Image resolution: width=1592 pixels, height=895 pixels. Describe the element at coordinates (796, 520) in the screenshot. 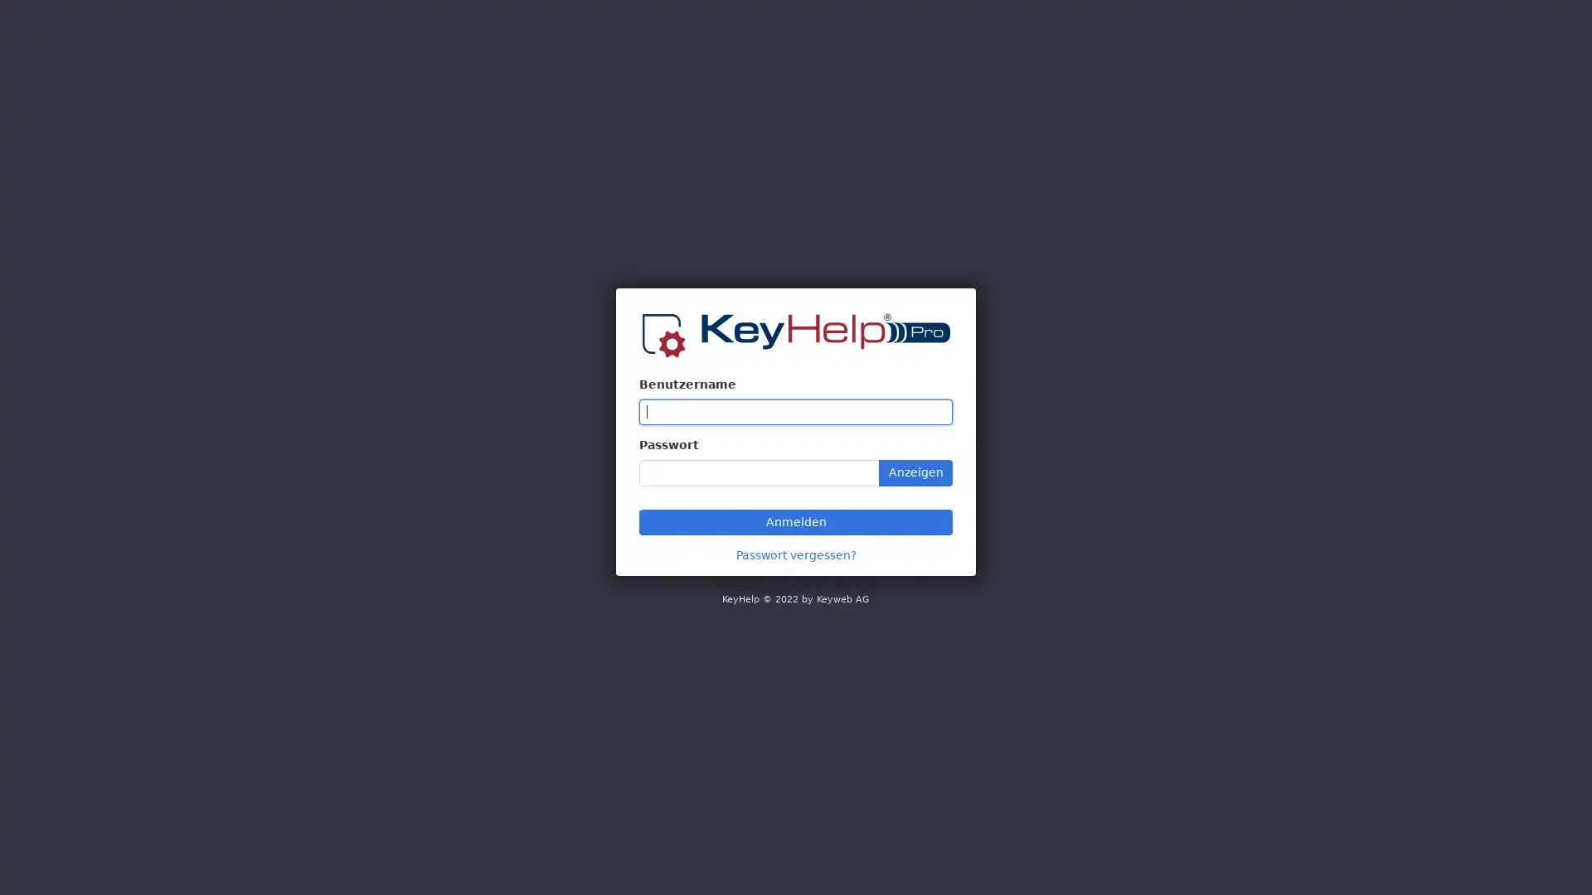

I see `Anmelden` at that location.